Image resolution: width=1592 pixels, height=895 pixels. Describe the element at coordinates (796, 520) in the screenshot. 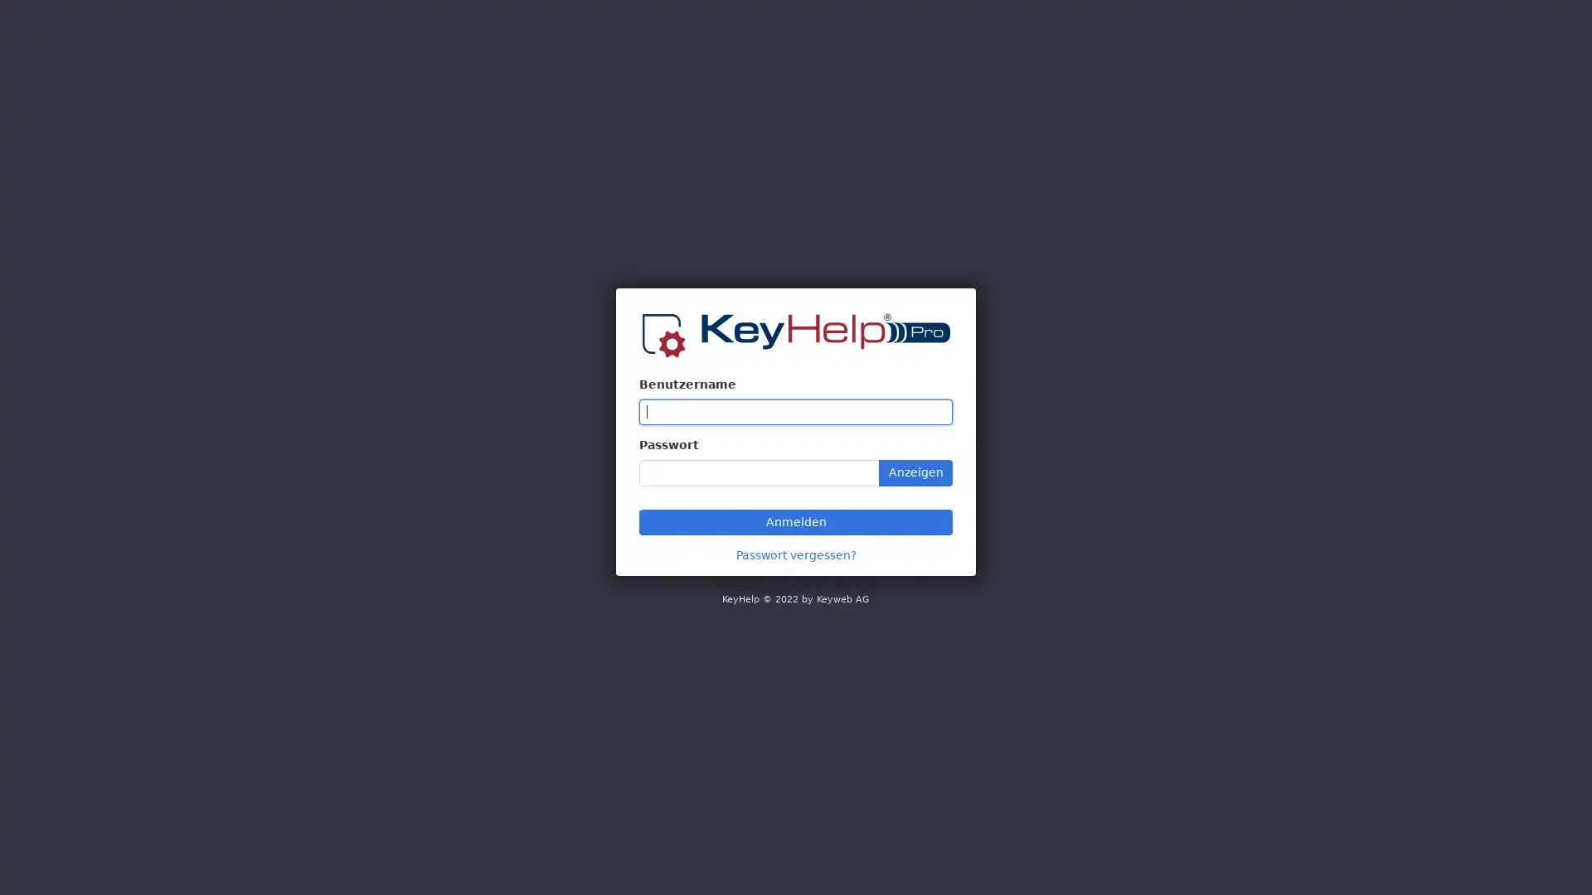

I see `Anmelden` at that location.